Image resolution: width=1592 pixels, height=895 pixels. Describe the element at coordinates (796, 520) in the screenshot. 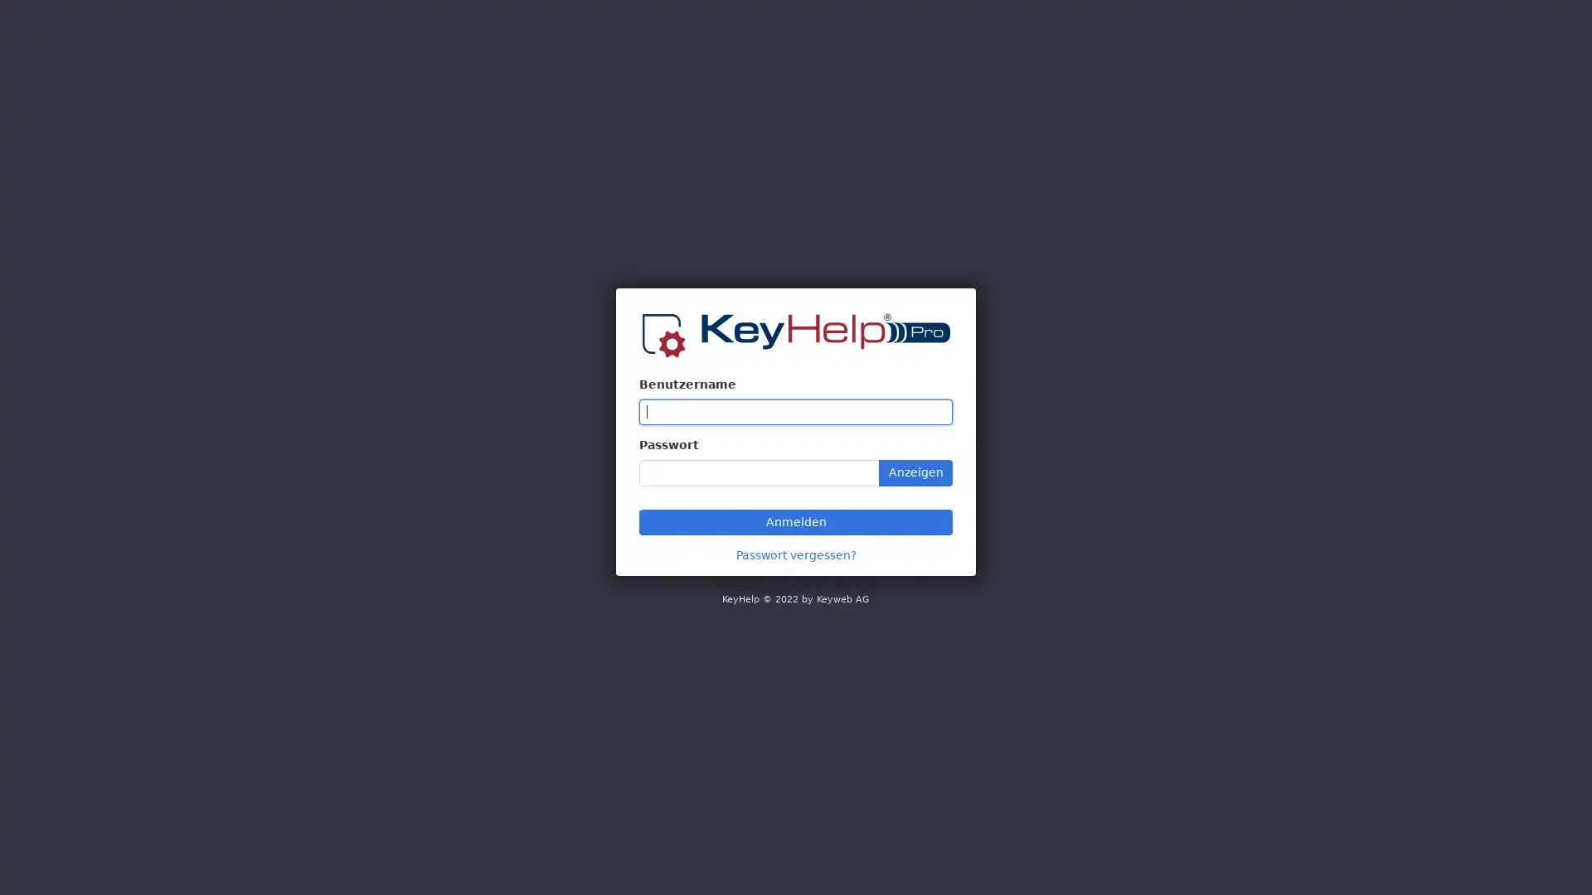

I see `Anmelden` at that location.